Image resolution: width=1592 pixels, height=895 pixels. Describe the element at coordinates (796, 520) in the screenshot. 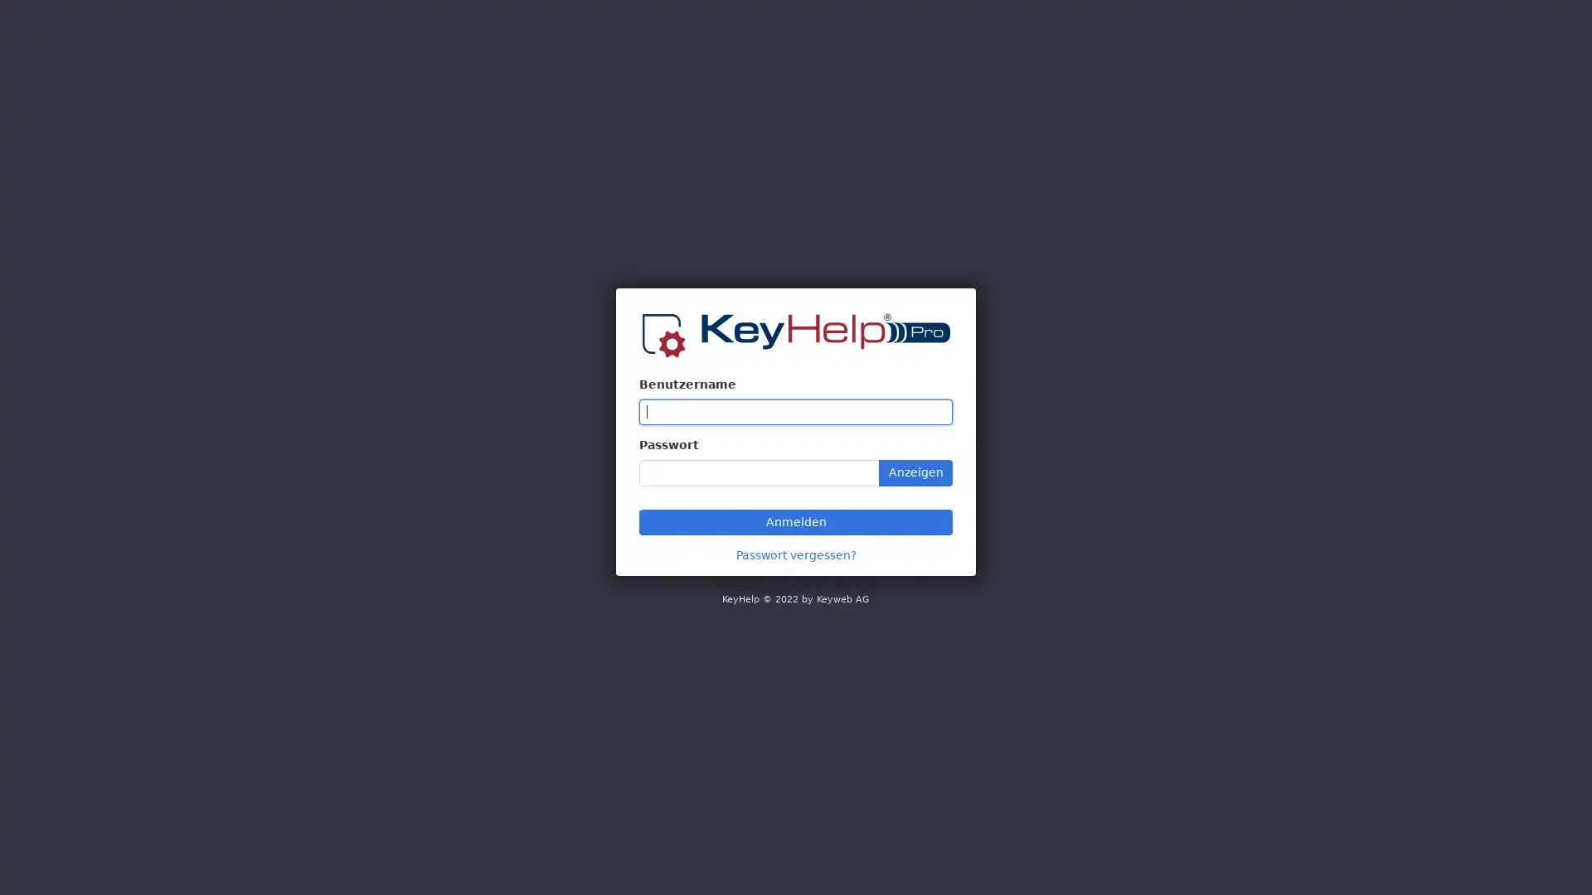

I see `Anmelden` at that location.